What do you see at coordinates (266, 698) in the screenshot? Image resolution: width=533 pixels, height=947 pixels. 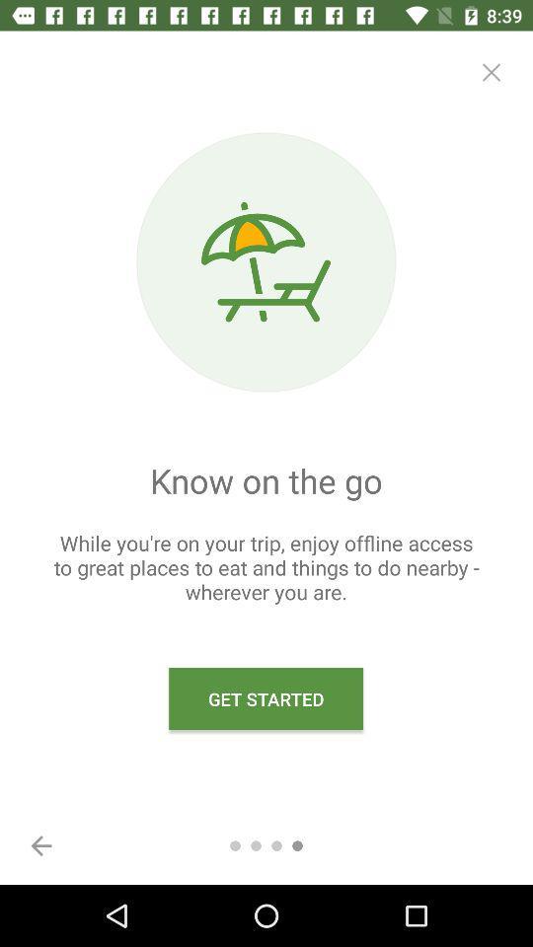 I see `the item below the while you re` at bounding box center [266, 698].